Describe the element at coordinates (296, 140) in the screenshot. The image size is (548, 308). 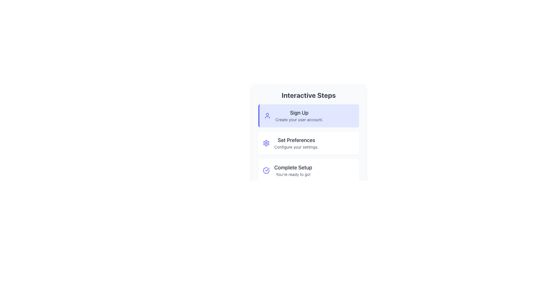
I see `the 'Set Preferences' text label, which is a medium-weight dark gray string prominently displayed above 'Configure your settings' in the 'Interactive Steps' section` at that location.